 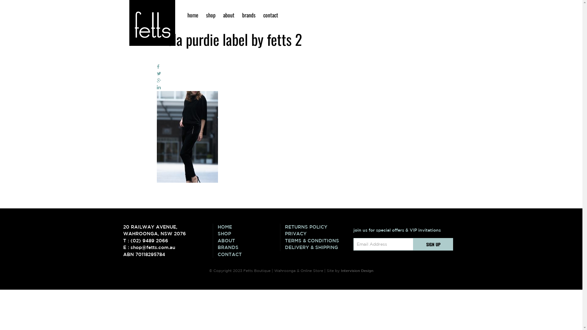 I want to click on 'Sign Up', so click(x=433, y=244).